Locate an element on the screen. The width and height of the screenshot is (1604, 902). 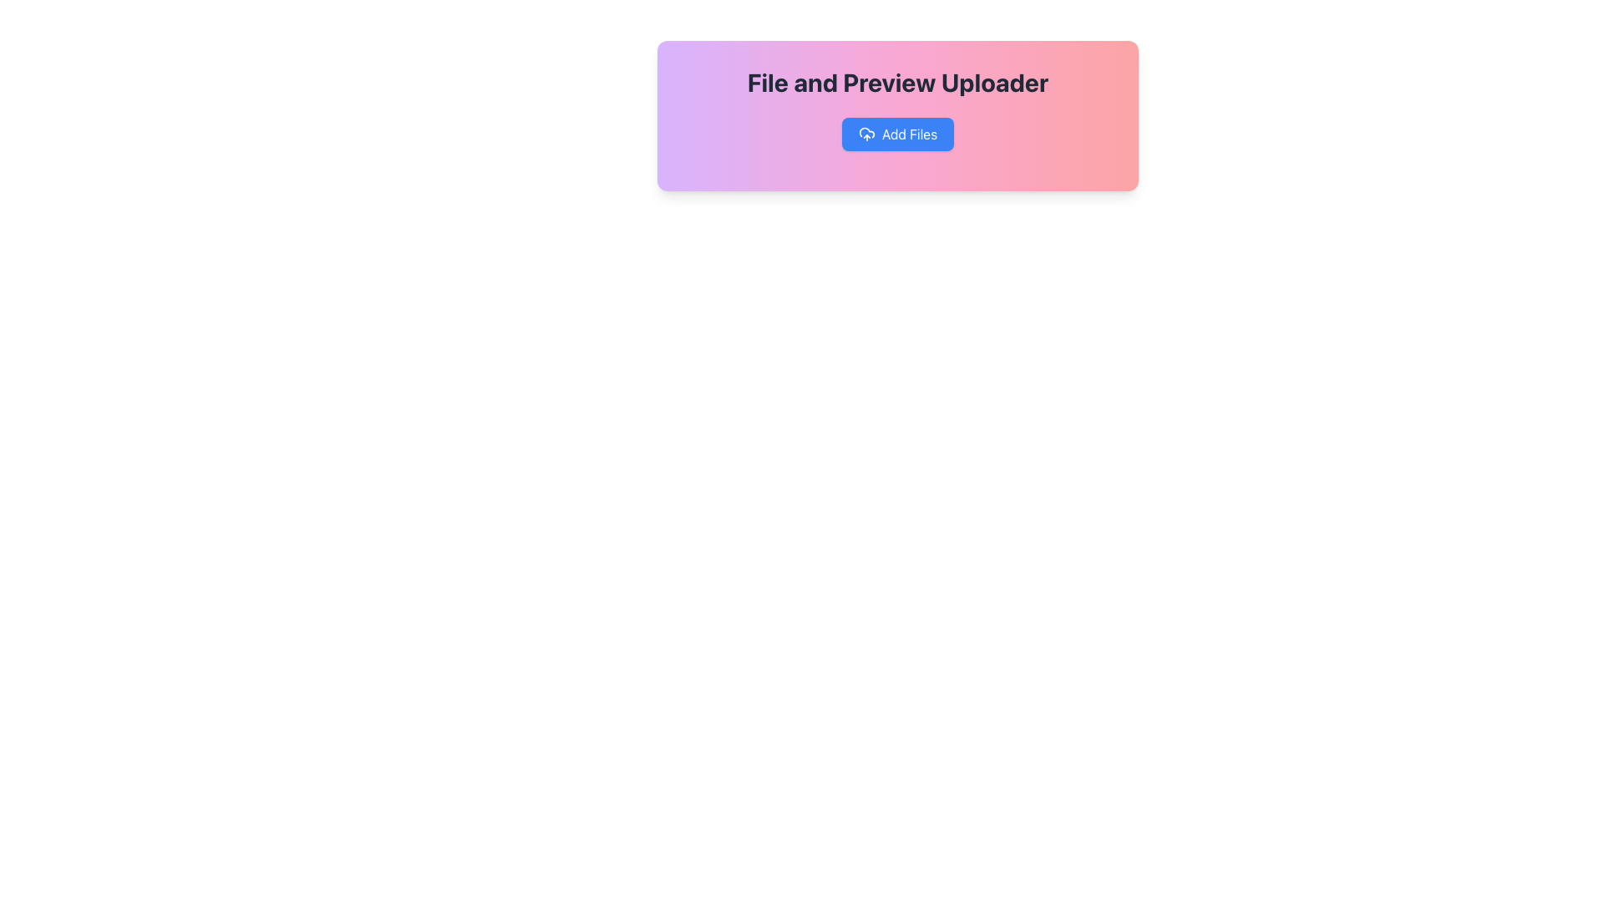
the 'Add Files' button, which has a blue background and white text is located at coordinates (897, 134).